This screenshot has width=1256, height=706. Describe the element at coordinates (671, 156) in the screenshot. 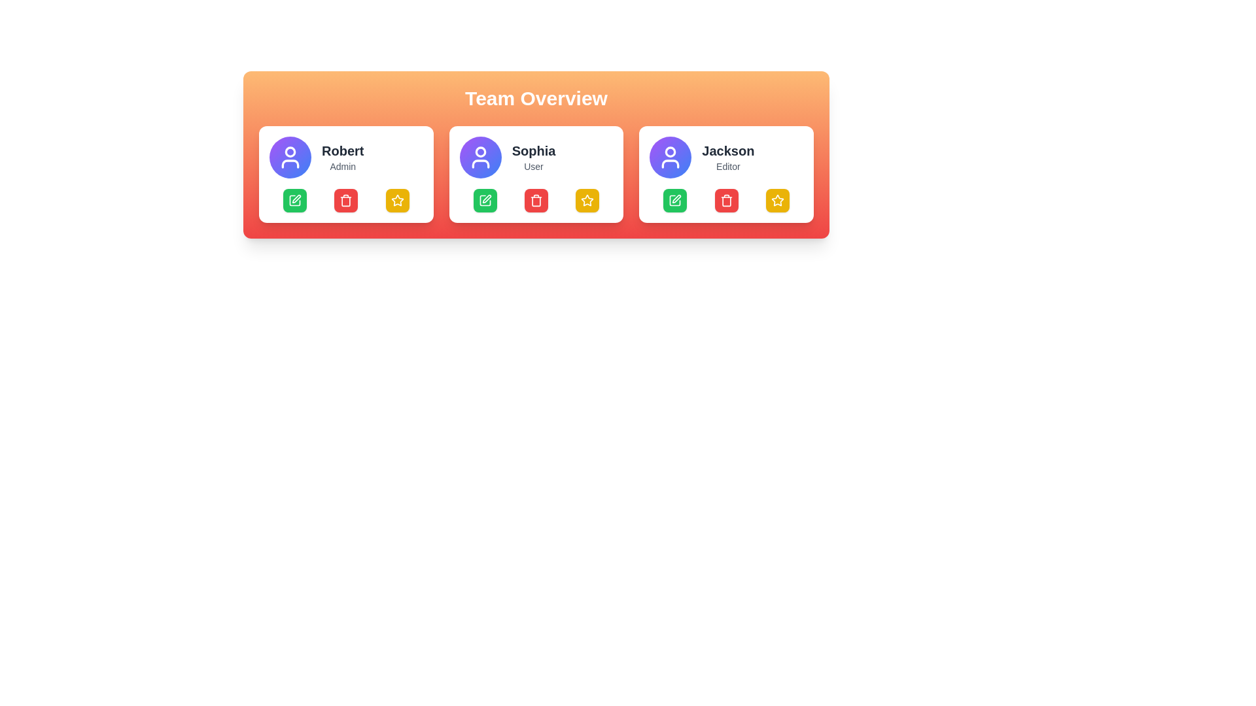

I see `the Avatar Icon representing the user 'Jackson' to interact with the associated user profile` at that location.